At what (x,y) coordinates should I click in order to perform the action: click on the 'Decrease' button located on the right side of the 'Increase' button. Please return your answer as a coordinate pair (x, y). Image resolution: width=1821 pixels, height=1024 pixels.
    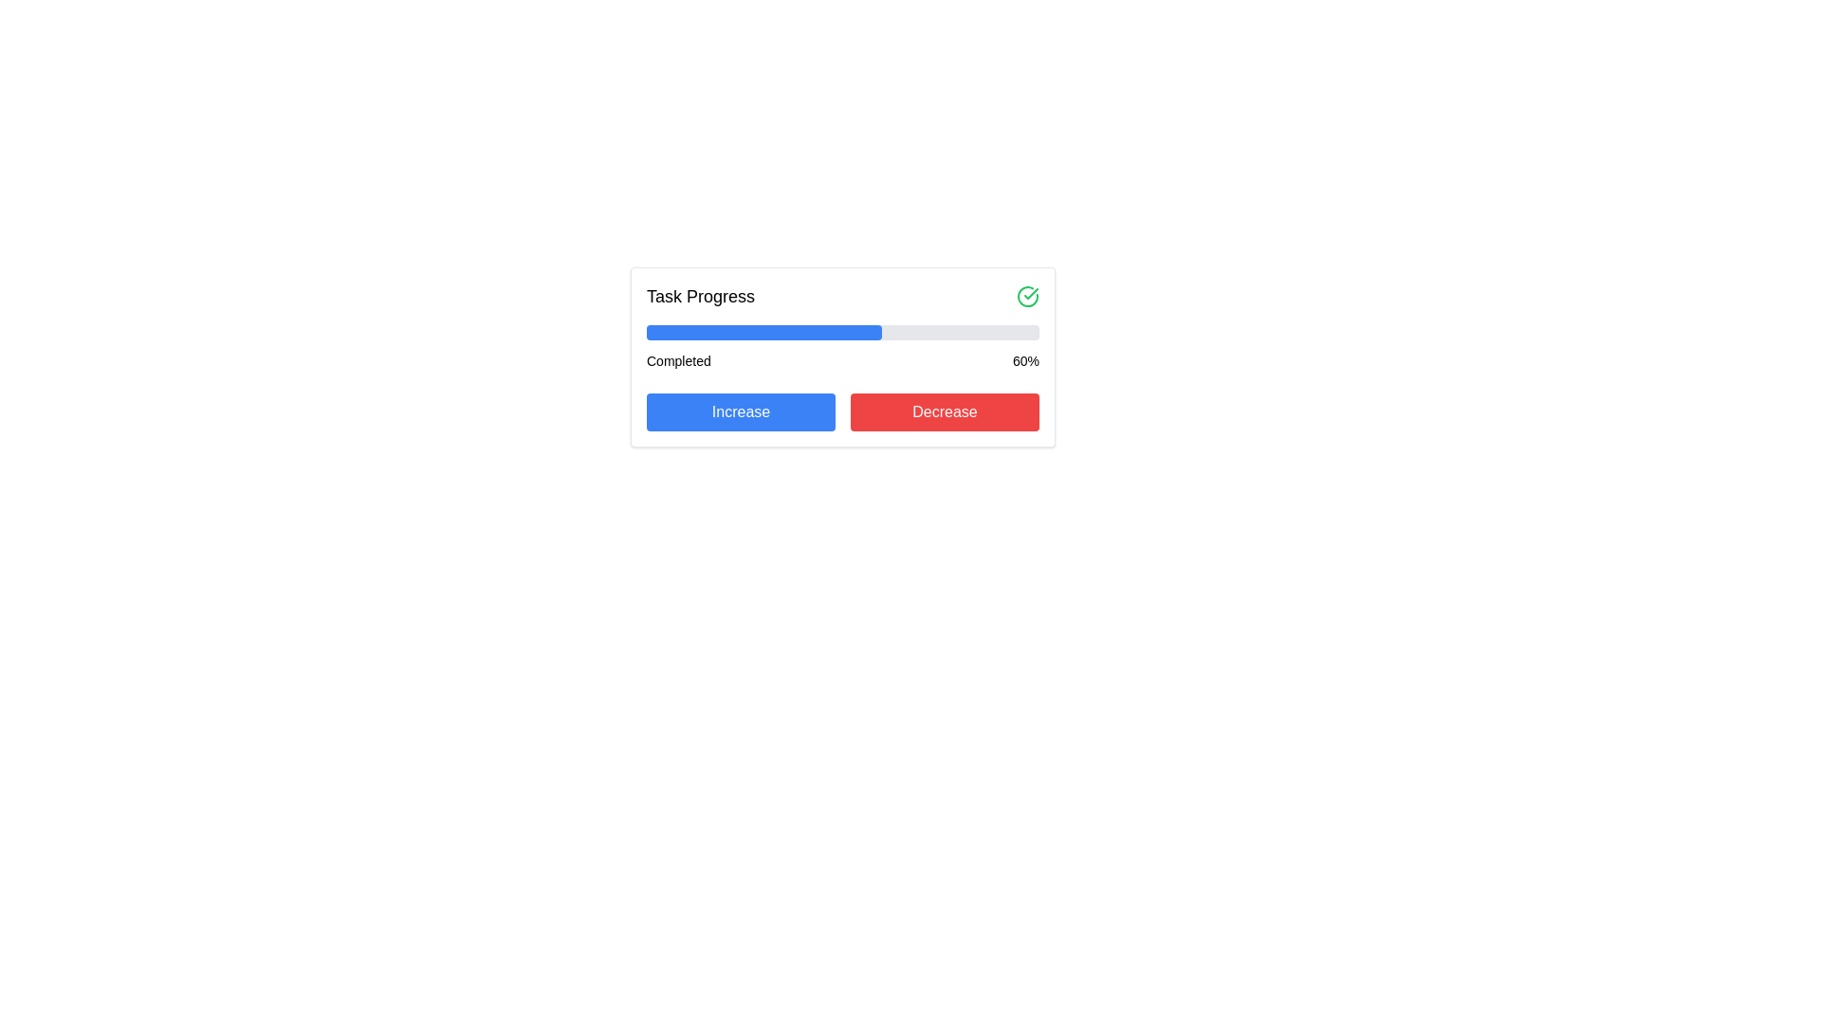
    Looking at the image, I should click on (945, 411).